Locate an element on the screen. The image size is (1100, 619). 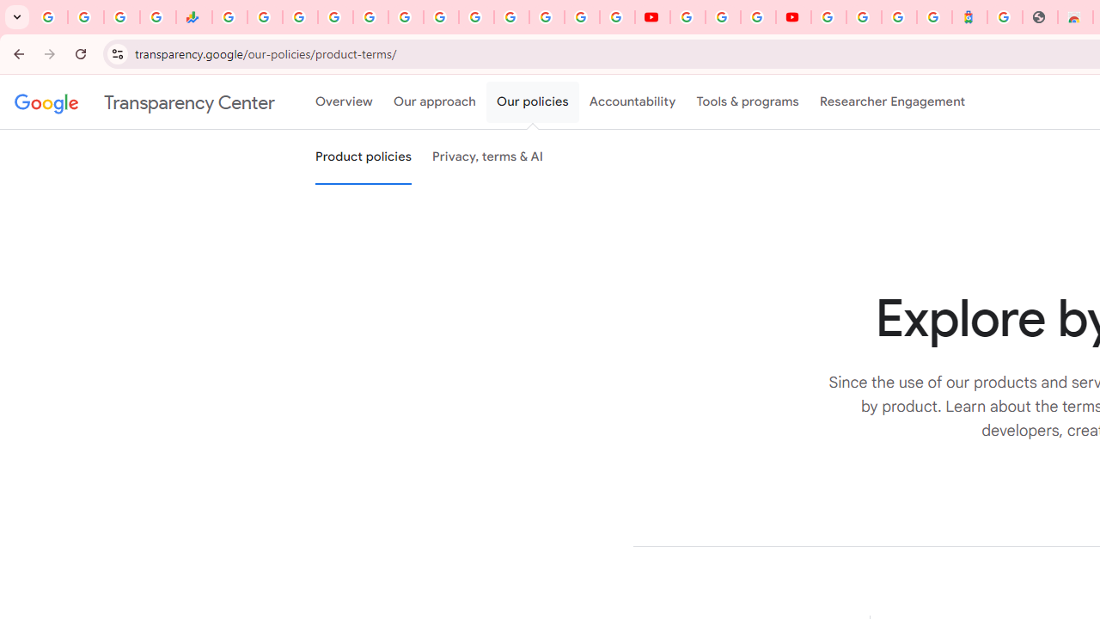
'Create your Google Account' is located at coordinates (756, 17).